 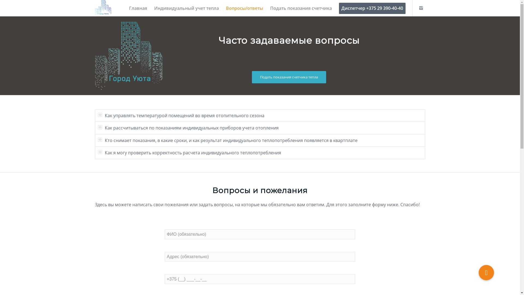 I want to click on 'Instagram', so click(x=421, y=8).